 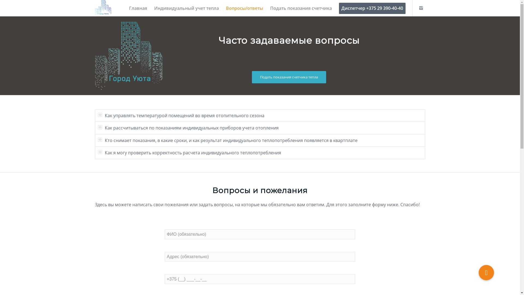 I want to click on 'Instagram', so click(x=421, y=8).